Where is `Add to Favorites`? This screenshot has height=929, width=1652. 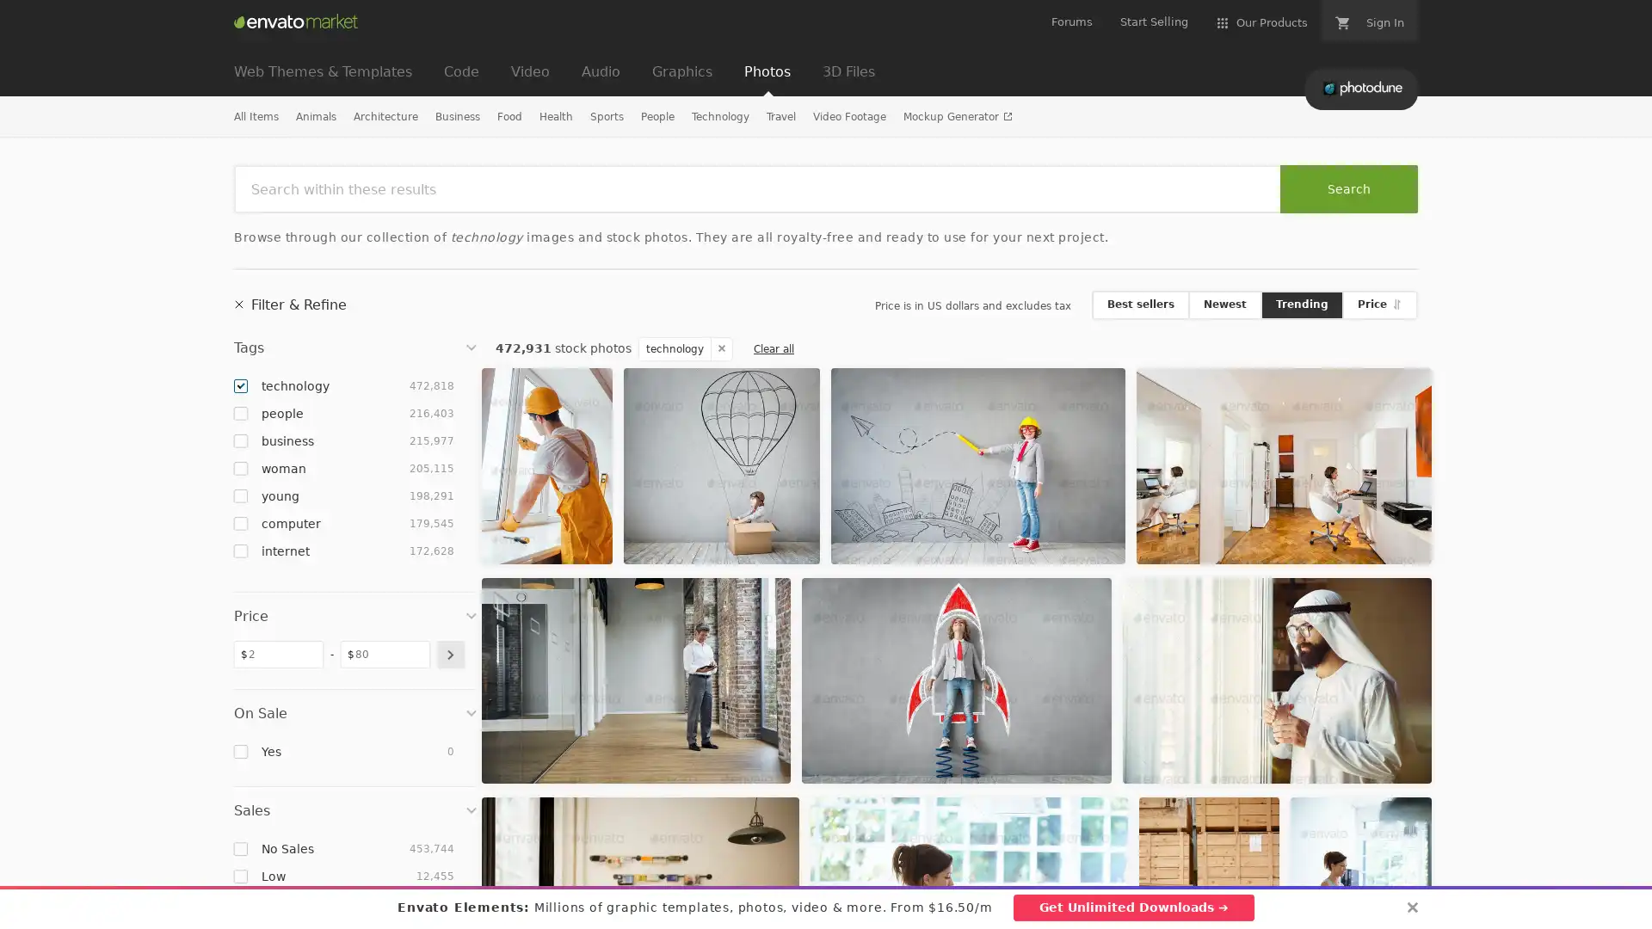
Add to Favorites is located at coordinates (796, 389).